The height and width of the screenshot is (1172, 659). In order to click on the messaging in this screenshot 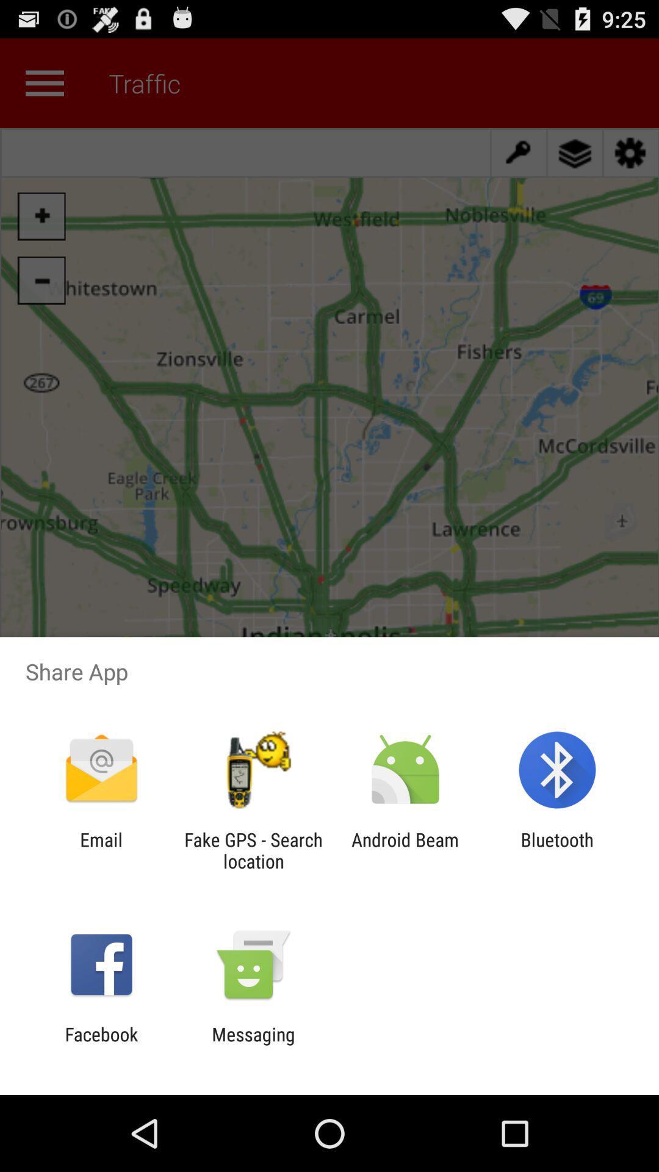, I will do `click(253, 1044)`.